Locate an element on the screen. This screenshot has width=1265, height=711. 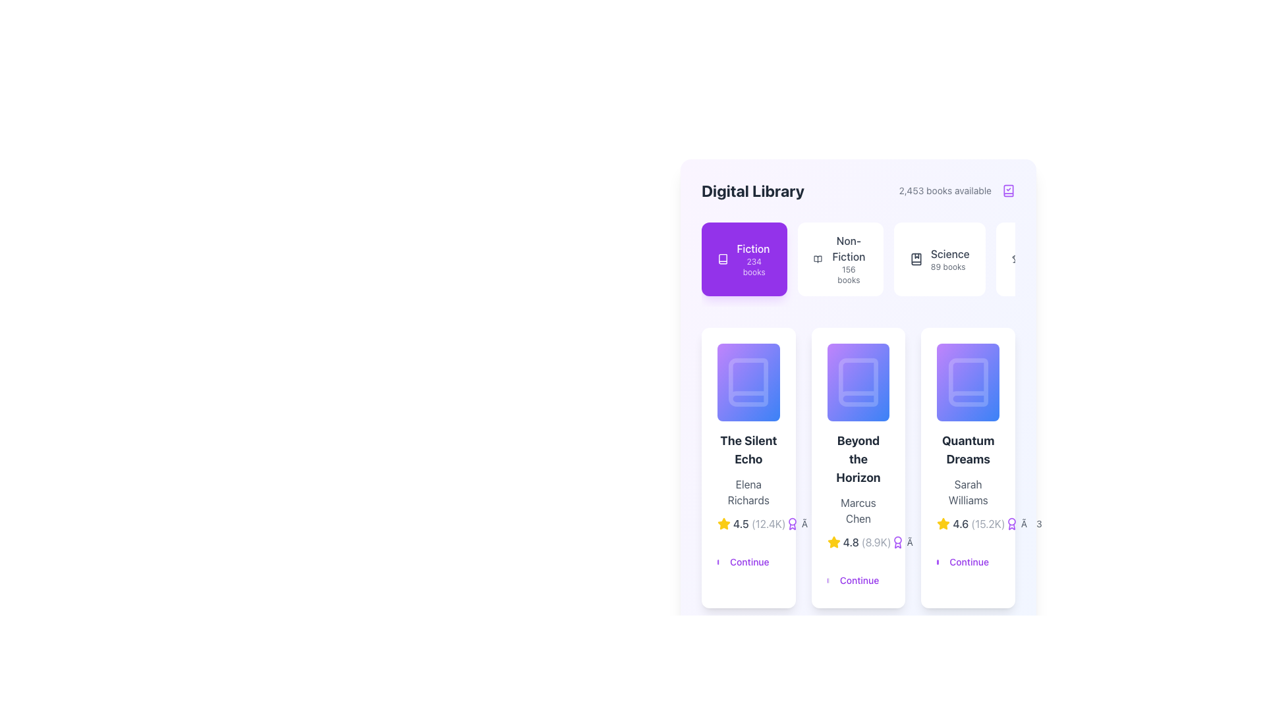
the interactive link/button for 'Beyond the Horizon' is located at coordinates (858, 575).